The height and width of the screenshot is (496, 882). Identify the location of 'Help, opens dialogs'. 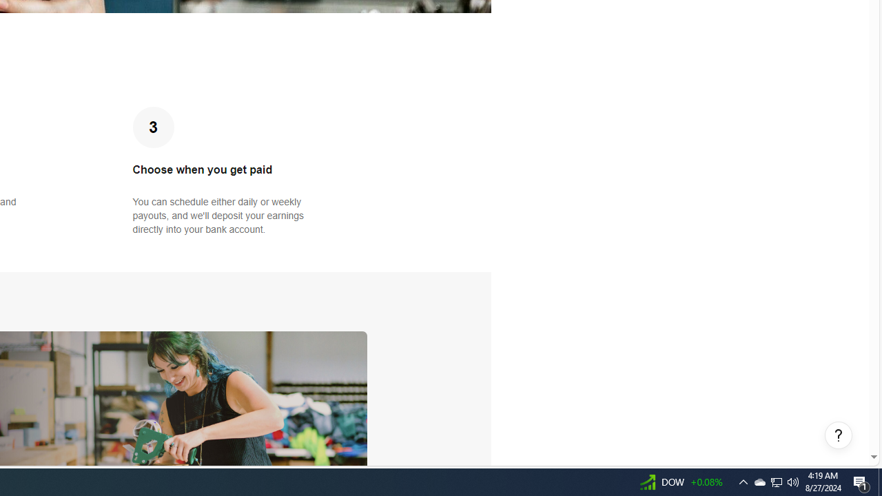
(838, 435).